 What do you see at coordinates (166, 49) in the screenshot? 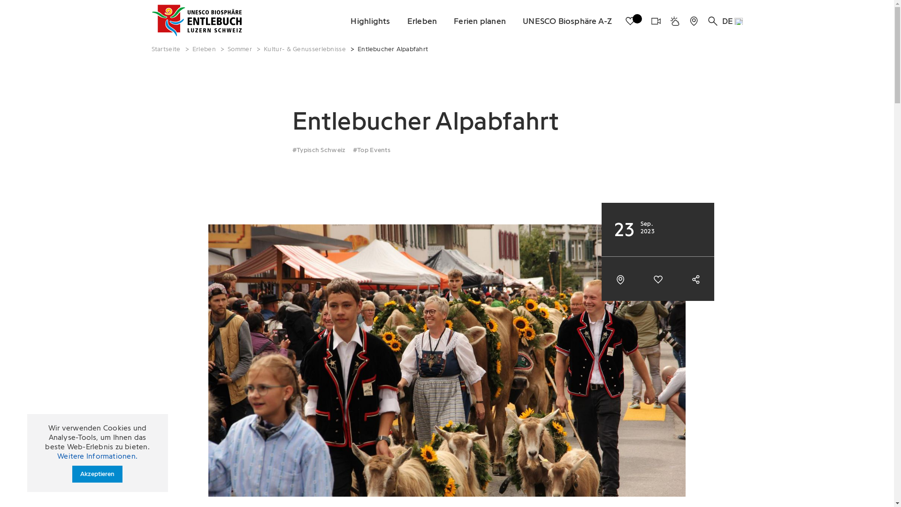
I see `'Startseite'` at bounding box center [166, 49].